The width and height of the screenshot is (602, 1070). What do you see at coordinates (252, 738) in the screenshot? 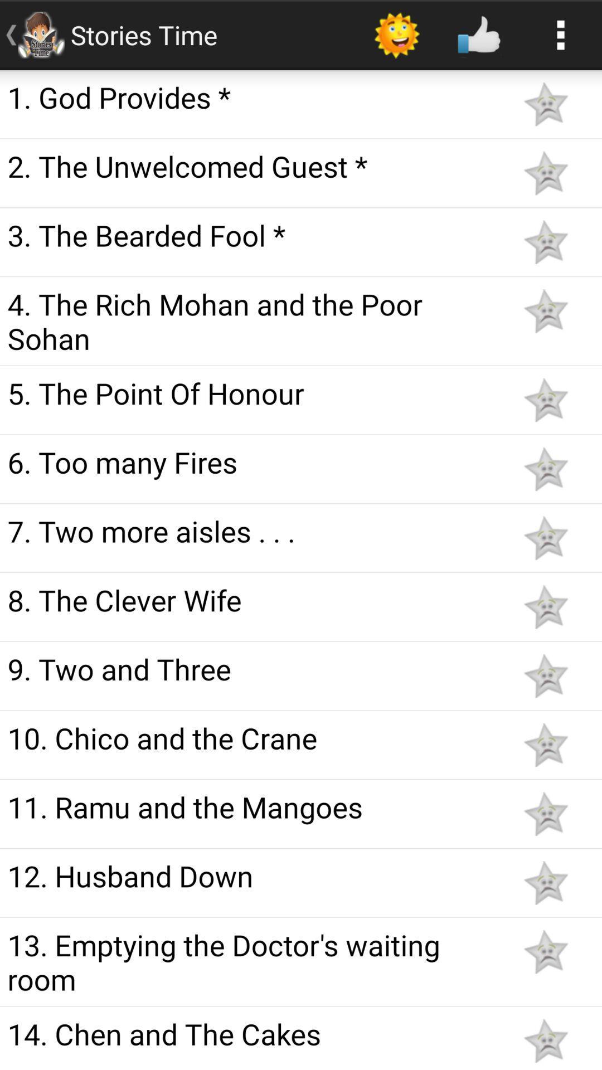
I see `item above 11 ramu and item` at bounding box center [252, 738].